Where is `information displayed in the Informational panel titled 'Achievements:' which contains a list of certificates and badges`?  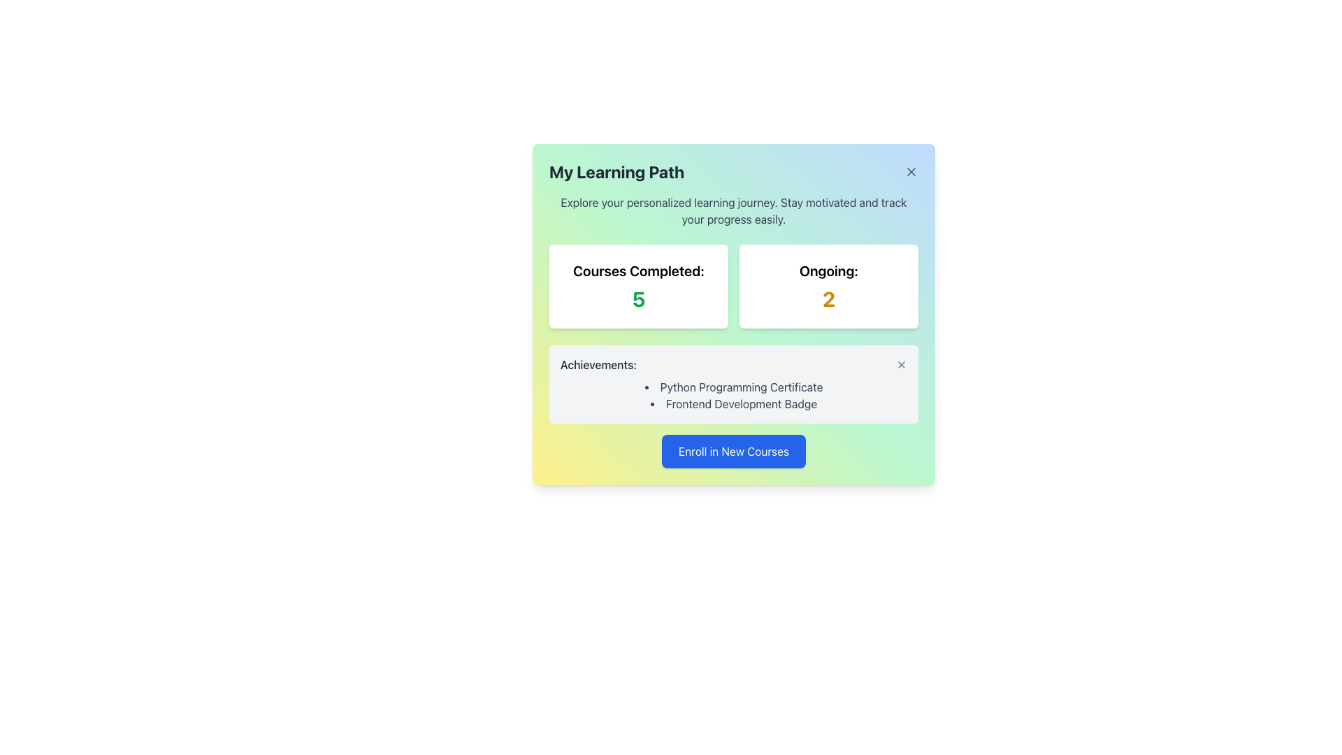 information displayed in the Informational panel titled 'Achievements:' which contains a list of certificates and badges is located at coordinates (733, 384).